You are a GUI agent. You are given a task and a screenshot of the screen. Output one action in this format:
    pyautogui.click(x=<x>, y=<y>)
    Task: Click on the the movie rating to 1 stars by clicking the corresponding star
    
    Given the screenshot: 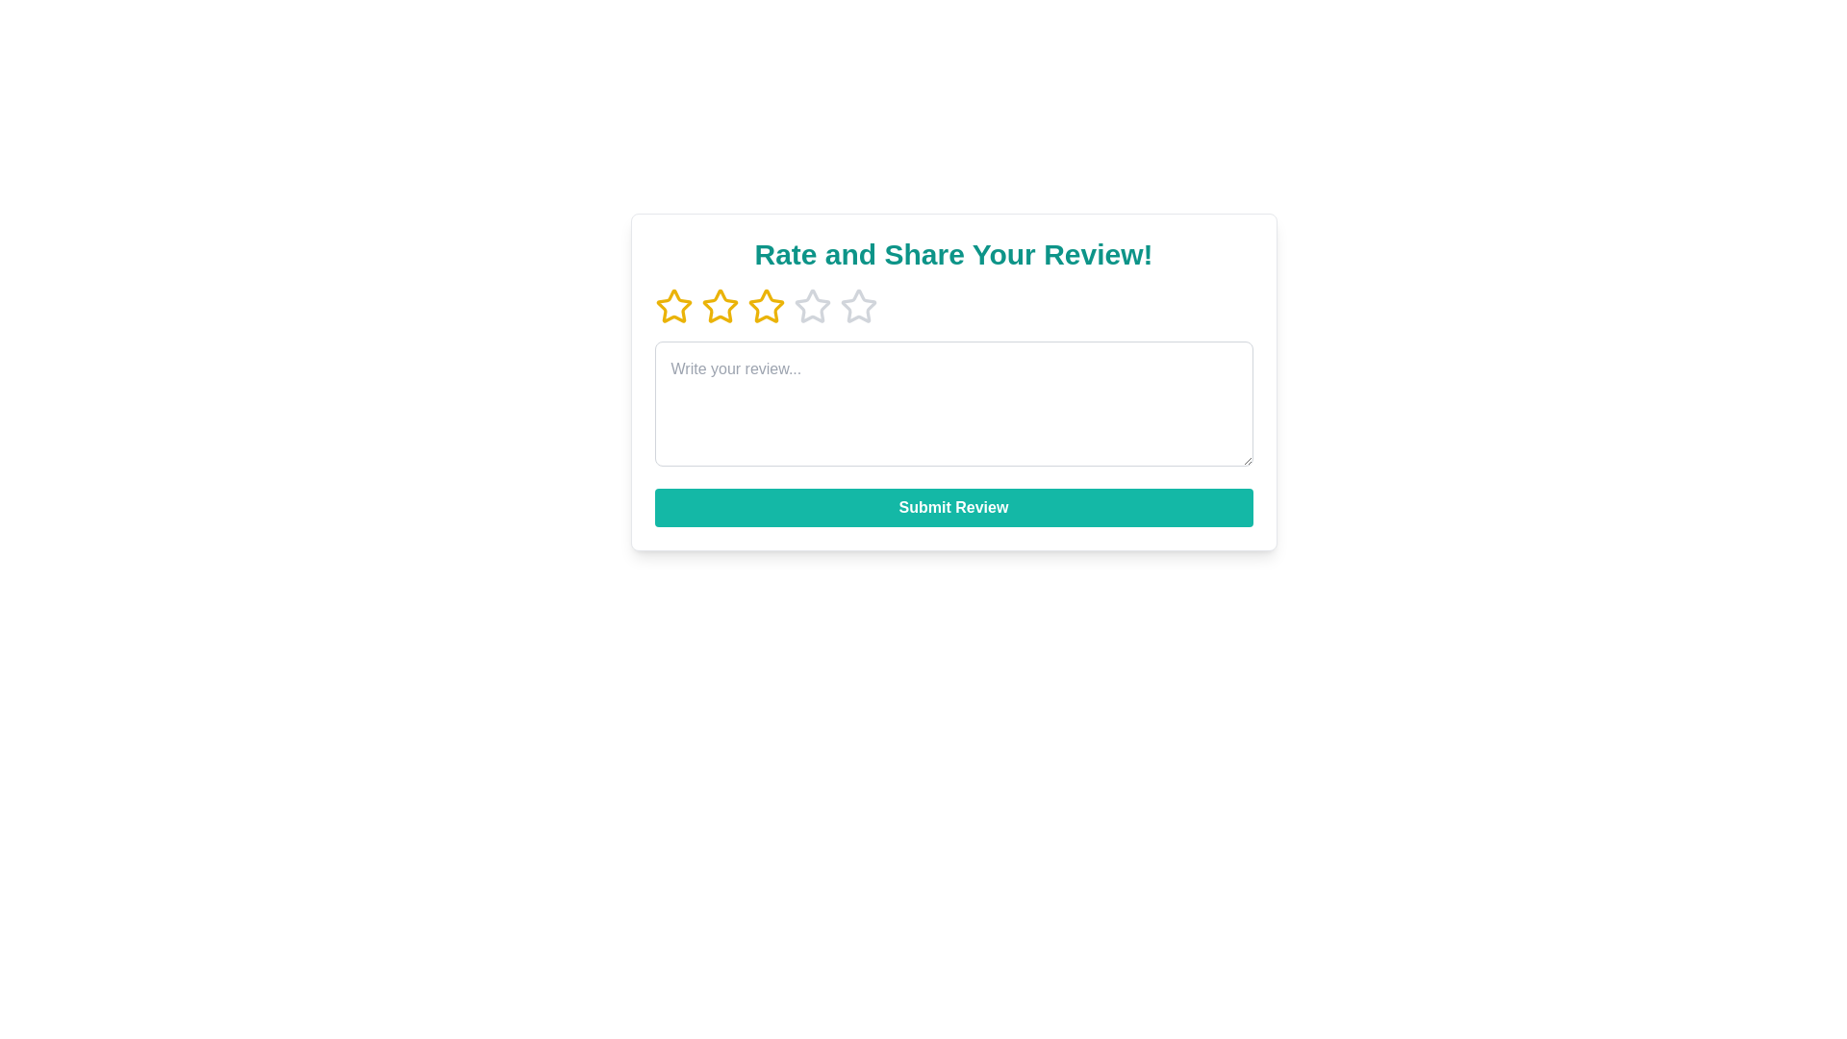 What is the action you would take?
    pyautogui.click(x=673, y=306)
    